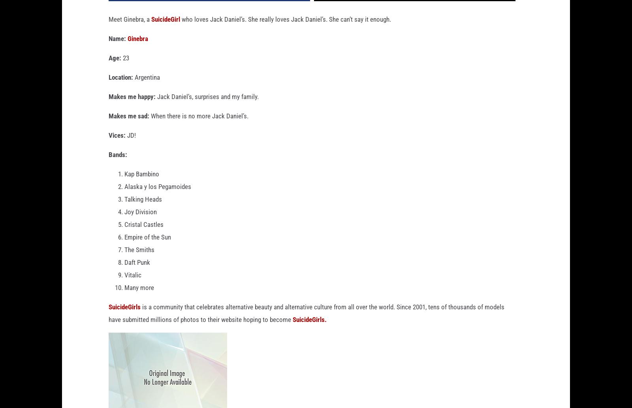 The height and width of the screenshot is (408, 632). Describe the element at coordinates (132, 109) in the screenshot. I see `'Makes me happy:'` at that location.